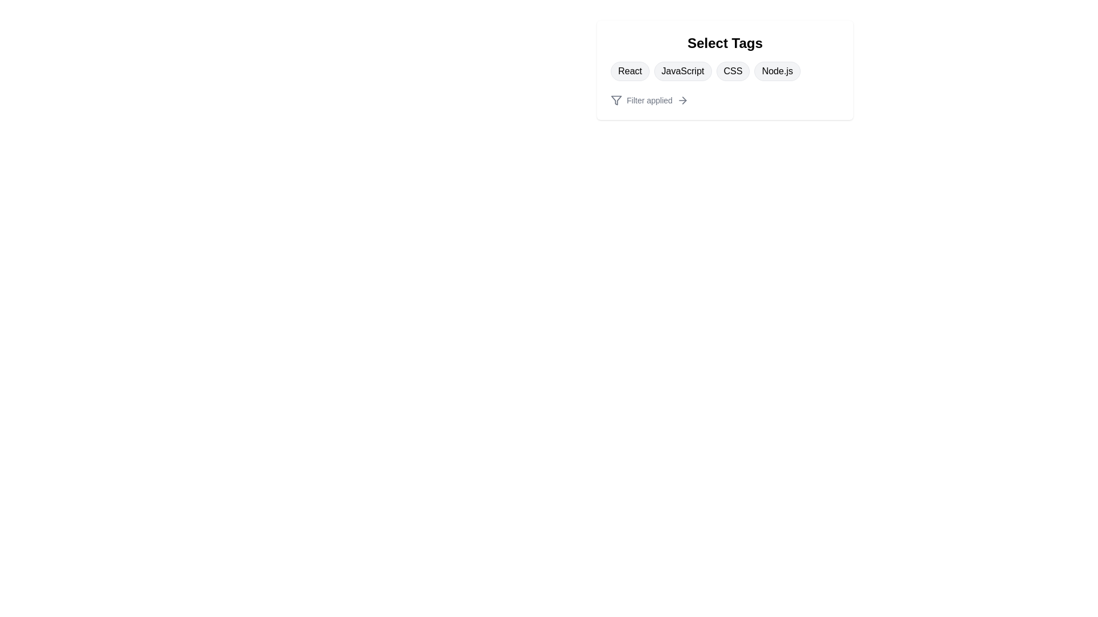 The image size is (1098, 617). I want to click on the interactive tag representing a skill or technology in the Tag list, specifically located below the 'Select Tags' heading, so click(724, 71).